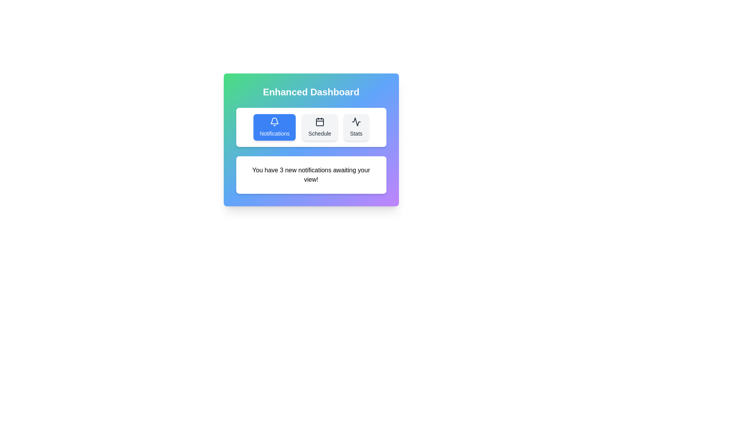  I want to click on 'Stats' icon element in the Enhanced Dashboard section to view individual styling properties, so click(356, 122).